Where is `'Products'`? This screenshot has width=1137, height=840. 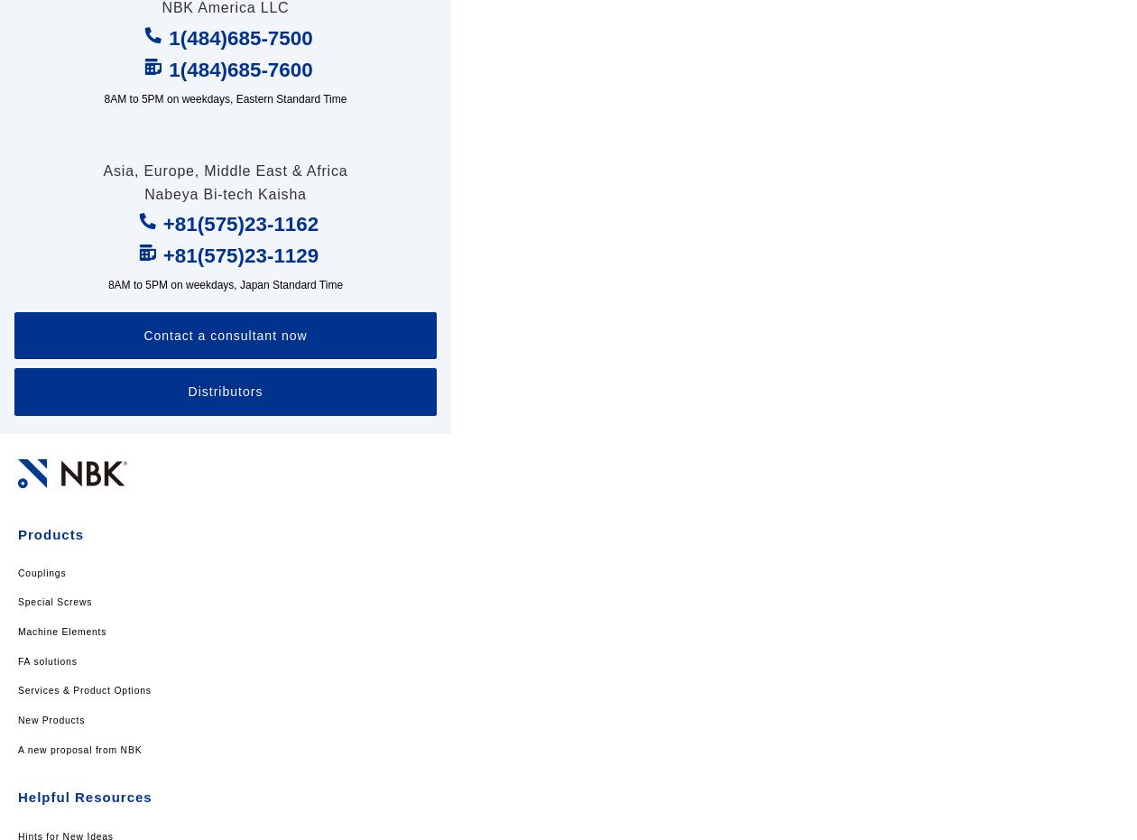
'Products' is located at coordinates (51, 532).